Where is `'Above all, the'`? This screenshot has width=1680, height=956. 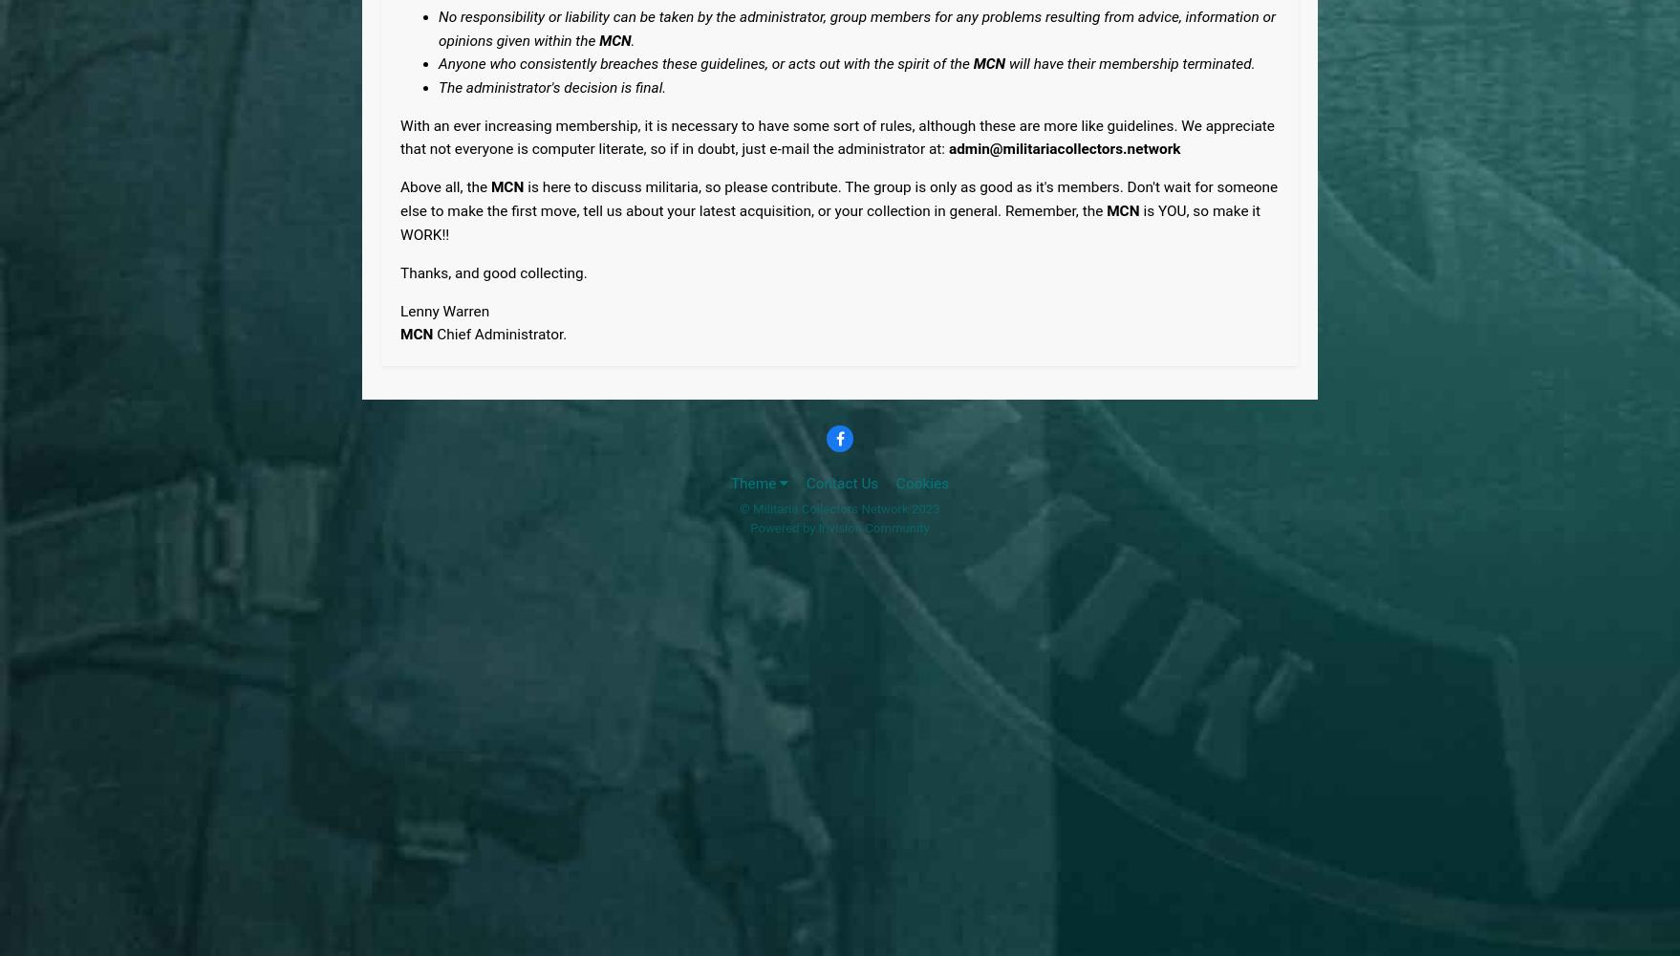 'Above all, the' is located at coordinates (444, 186).